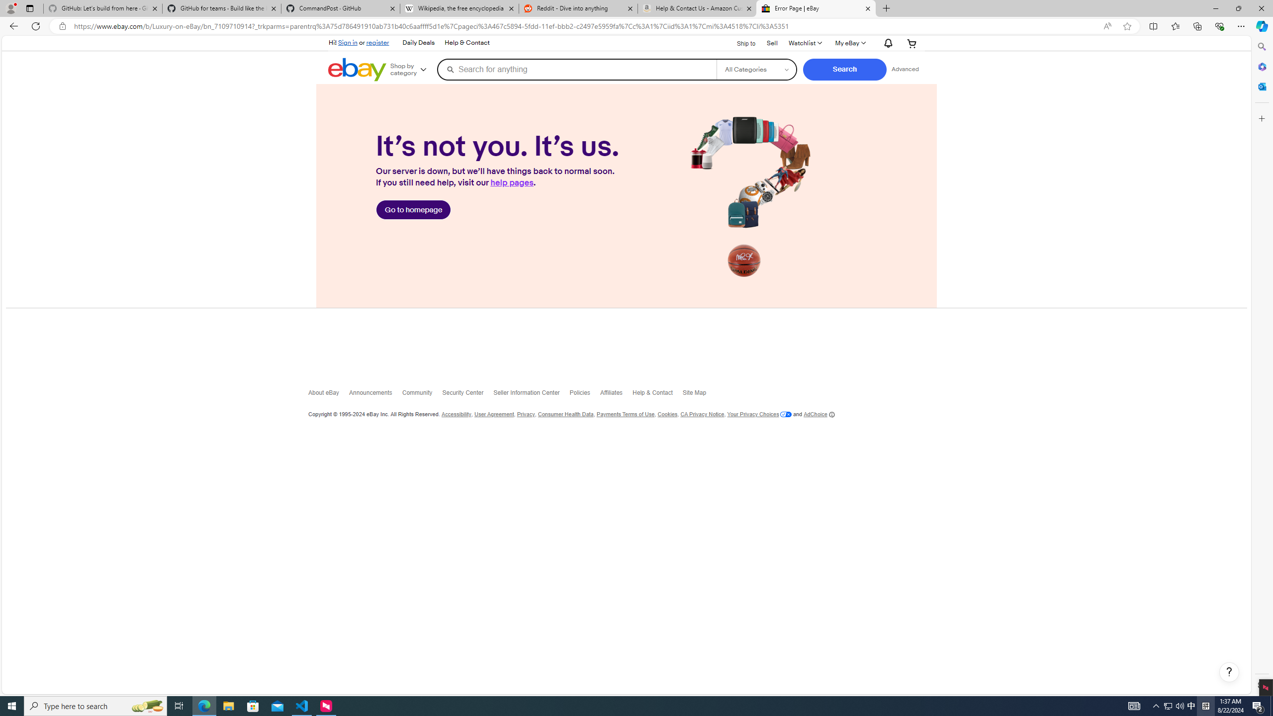 This screenshot has width=1273, height=716. What do you see at coordinates (699, 394) in the screenshot?
I see `'Site Map'` at bounding box center [699, 394].